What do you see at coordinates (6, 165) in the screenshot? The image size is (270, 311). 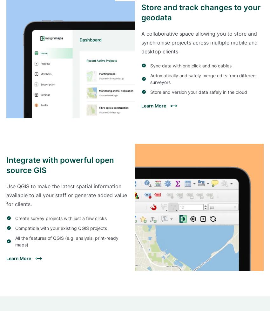 I see `'Integrate with powerful open source GIS'` at bounding box center [6, 165].